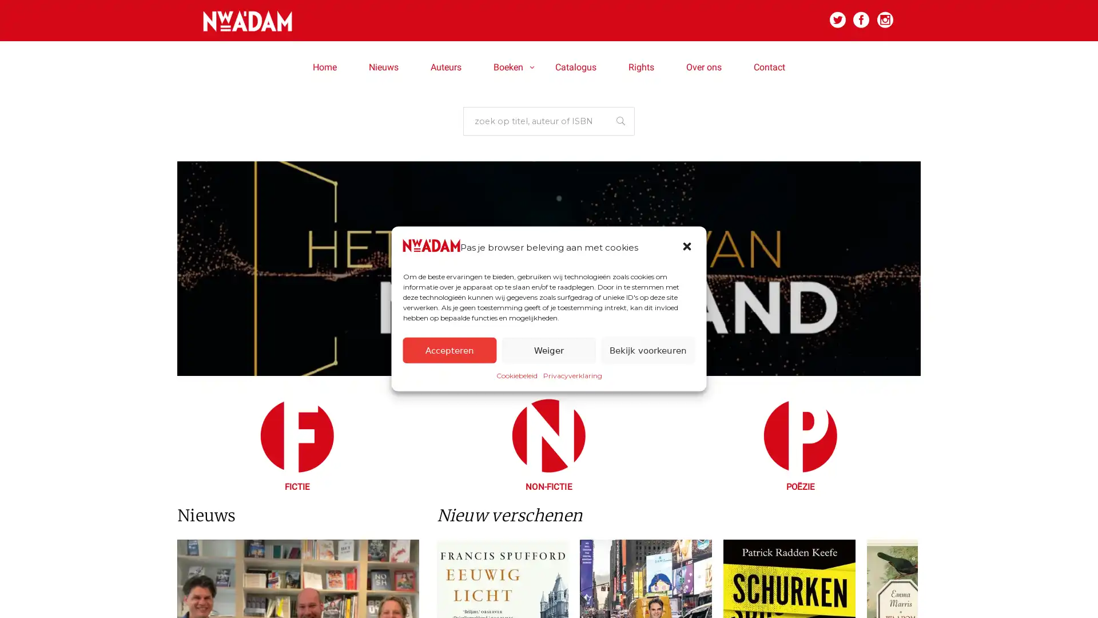  What do you see at coordinates (548, 350) in the screenshot?
I see `Weiger` at bounding box center [548, 350].